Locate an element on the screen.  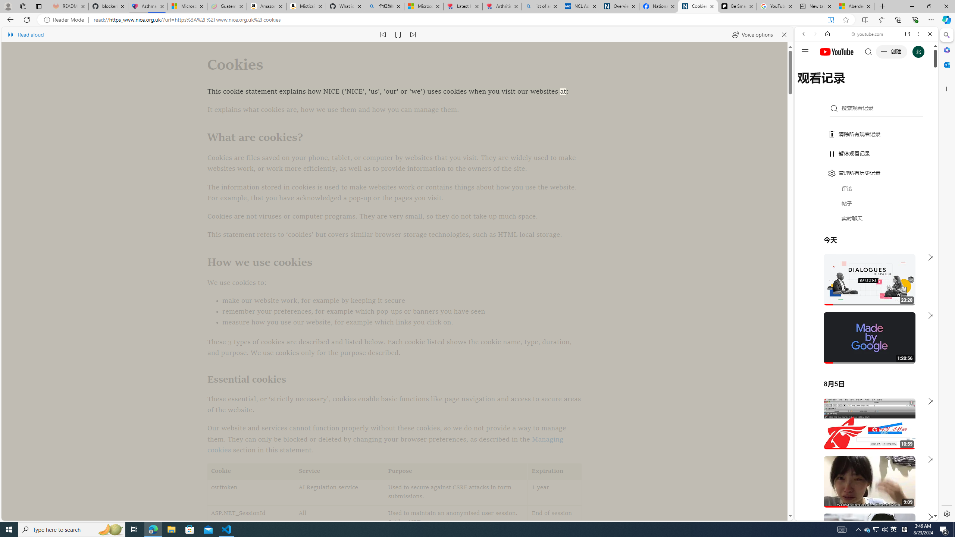
'Voice options' is located at coordinates (752, 34).